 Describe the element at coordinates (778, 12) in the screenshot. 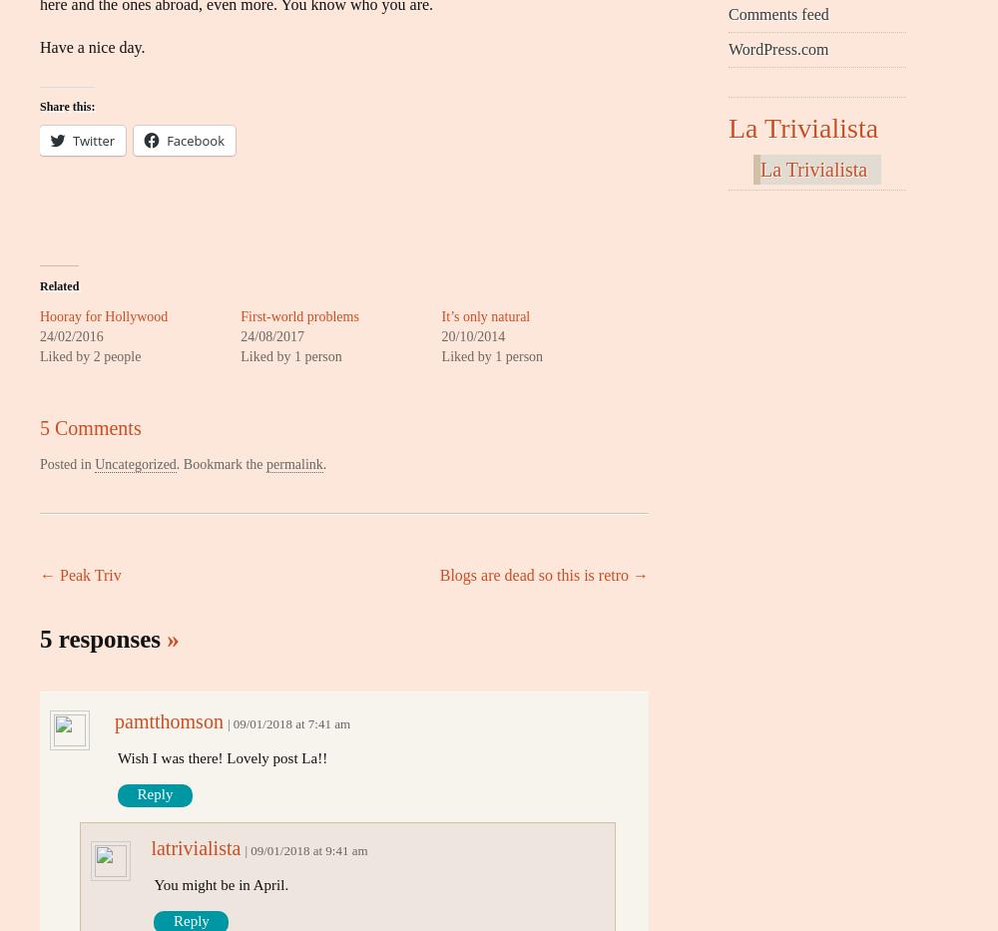

I see `'Comments feed'` at that location.